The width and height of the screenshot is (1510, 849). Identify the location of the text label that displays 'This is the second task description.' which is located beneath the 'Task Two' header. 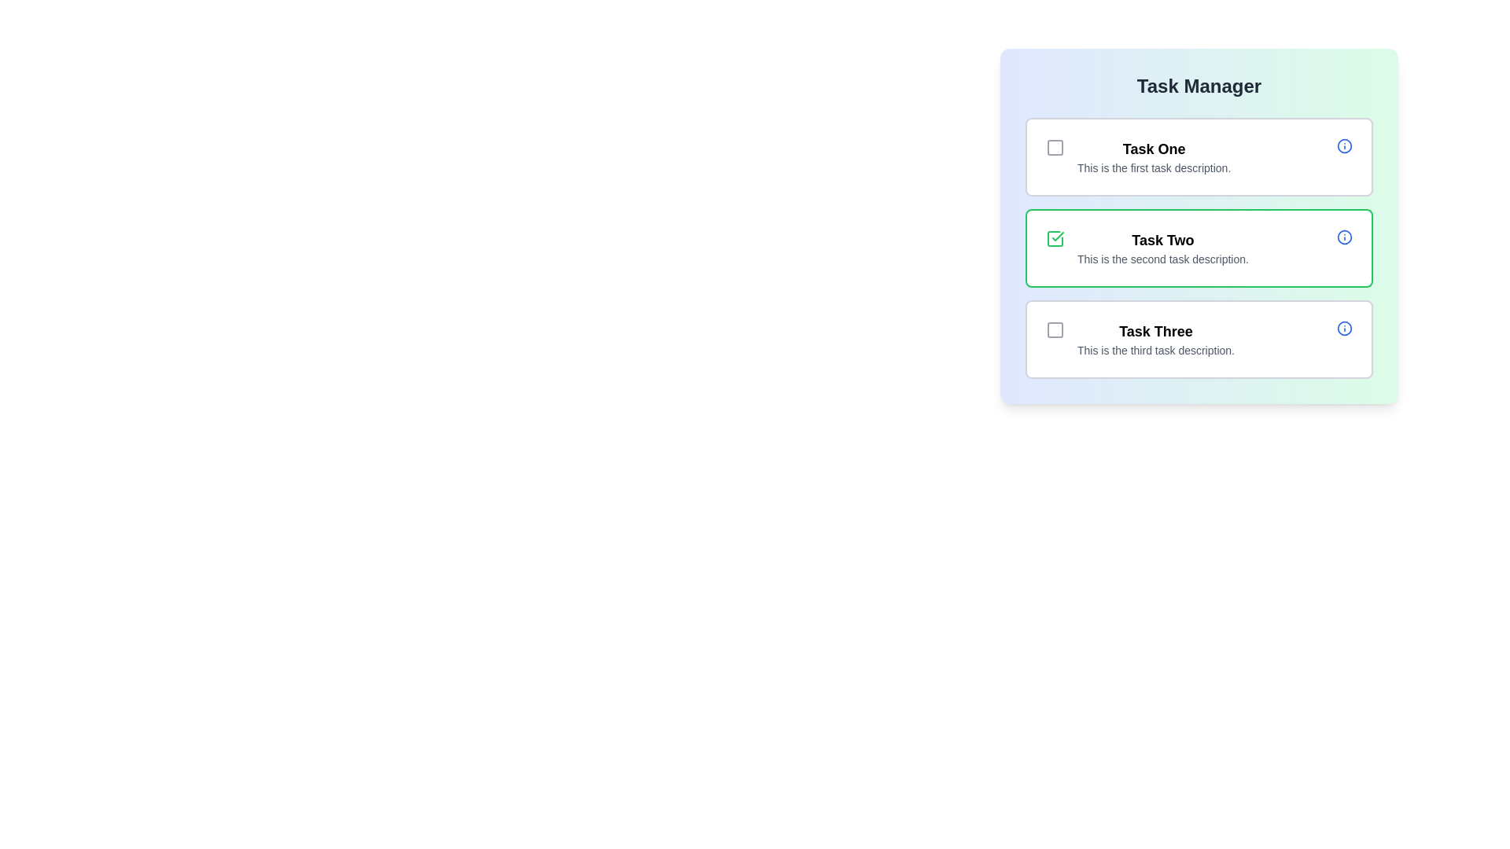
(1162, 259).